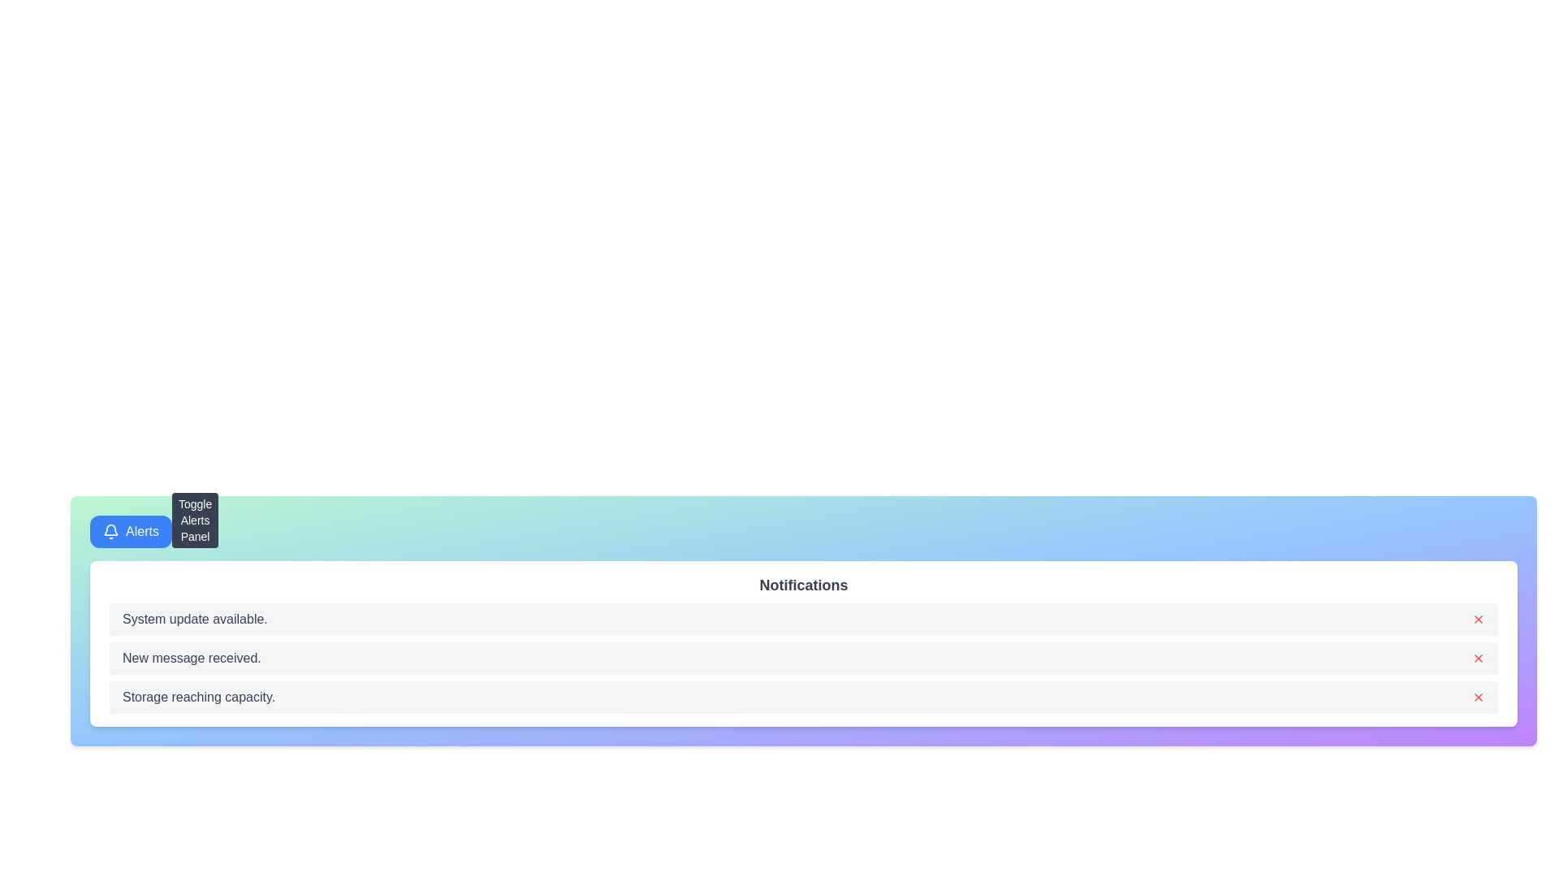 This screenshot has width=1559, height=877. What do you see at coordinates (803, 585) in the screenshot?
I see `the 'Notifications' text display element, which is styled with bold and large font and positioned at the top of the notifications section` at bounding box center [803, 585].